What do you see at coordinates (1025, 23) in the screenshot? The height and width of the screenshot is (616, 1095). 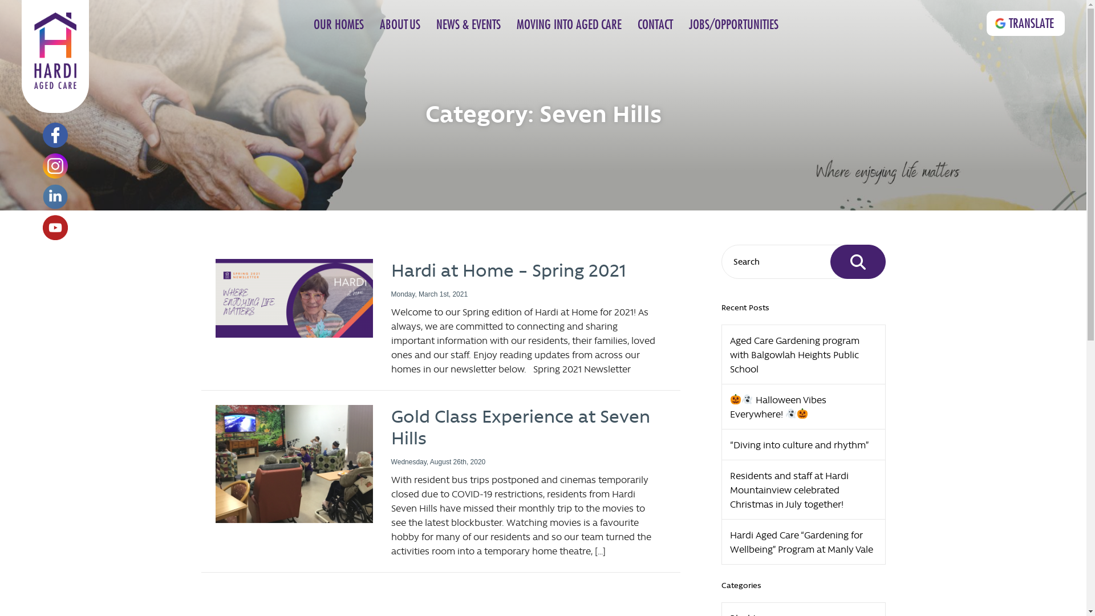 I see `'TRANSLATE'` at bounding box center [1025, 23].